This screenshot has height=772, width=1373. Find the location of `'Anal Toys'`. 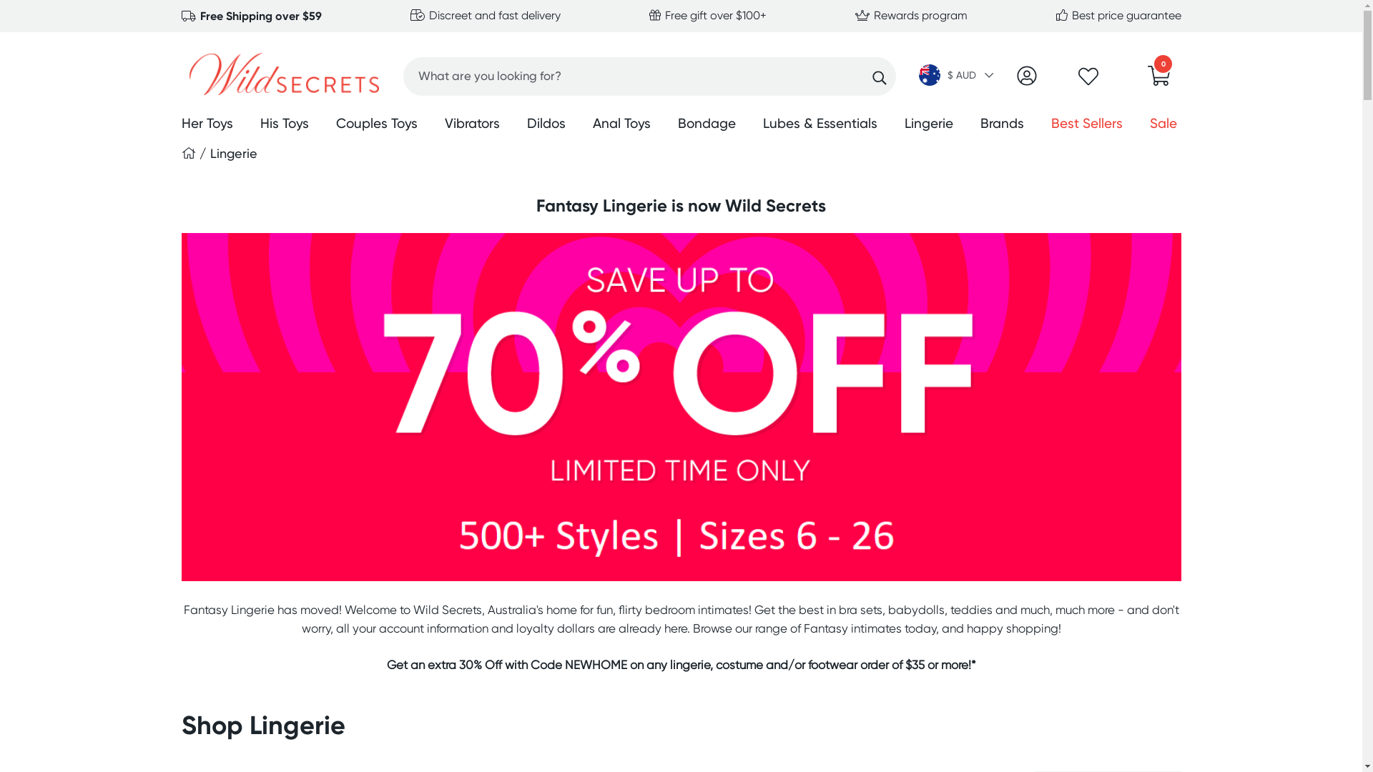

'Anal Toys' is located at coordinates (621, 124).